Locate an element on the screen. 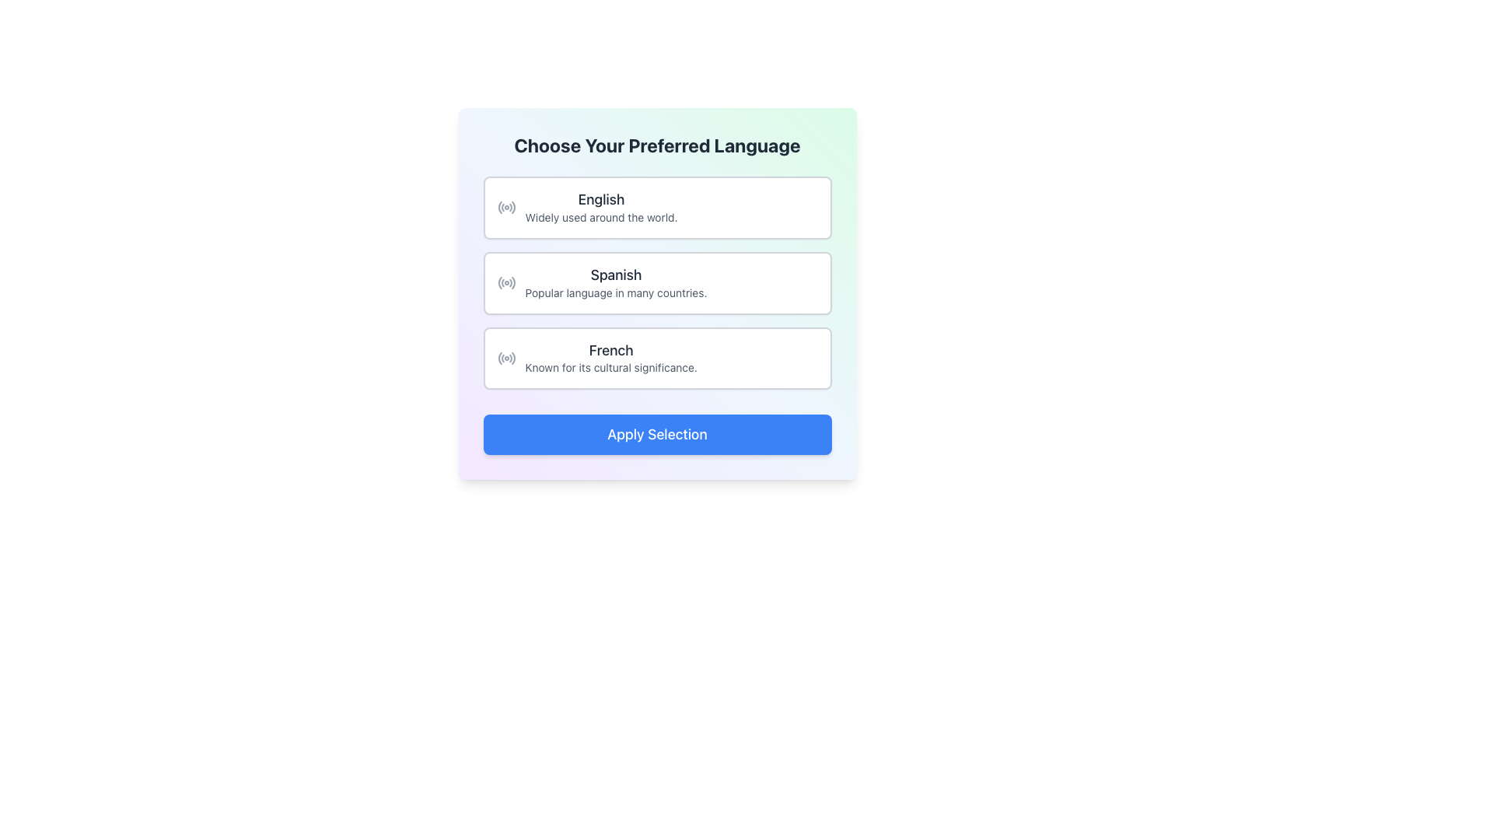 Image resolution: width=1493 pixels, height=840 pixels. the Spanish language option in the language selection interface, which is the second element in a vertical list between 'English' and 'French' is located at coordinates (615, 283).